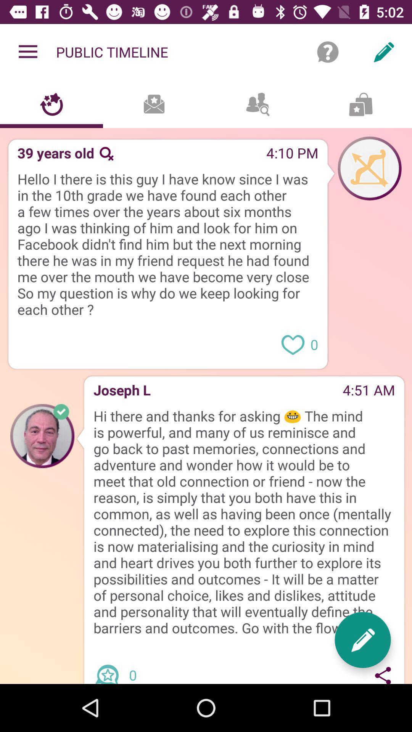  What do you see at coordinates (362, 640) in the screenshot?
I see `type message` at bounding box center [362, 640].